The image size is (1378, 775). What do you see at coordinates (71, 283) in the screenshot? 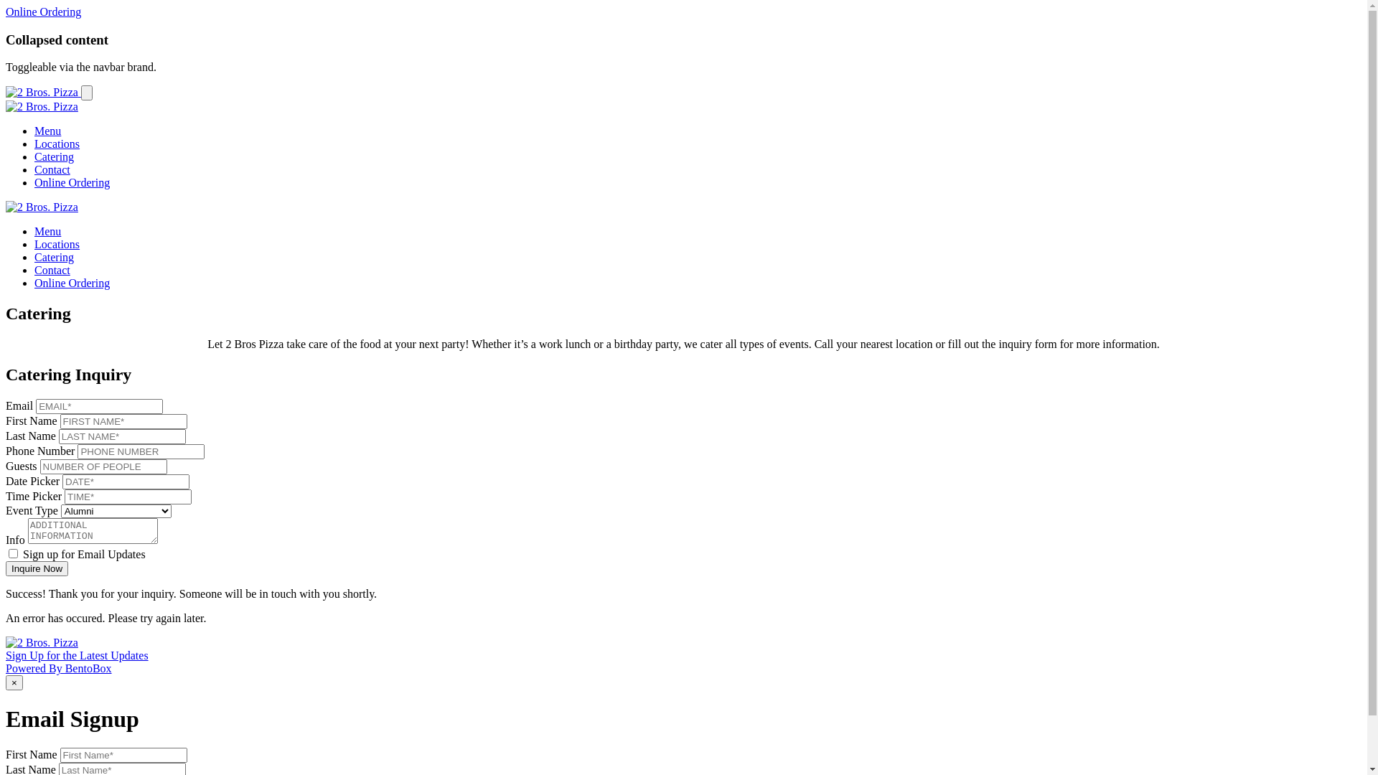
I see `'Online Ordering'` at bounding box center [71, 283].